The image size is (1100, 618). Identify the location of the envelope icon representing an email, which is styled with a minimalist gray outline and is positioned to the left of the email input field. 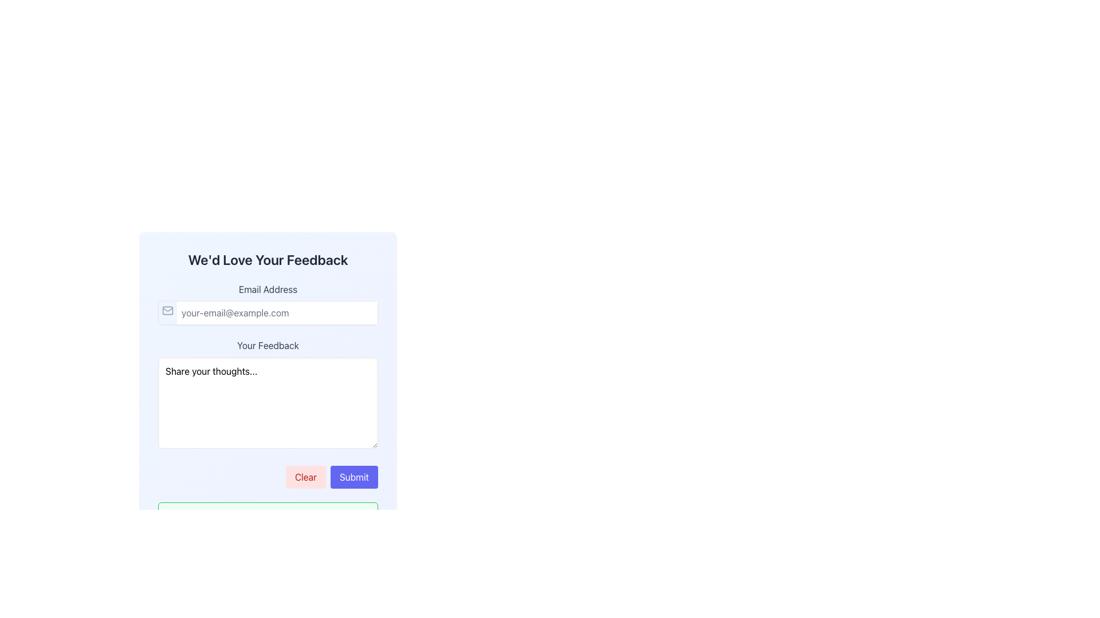
(167, 311).